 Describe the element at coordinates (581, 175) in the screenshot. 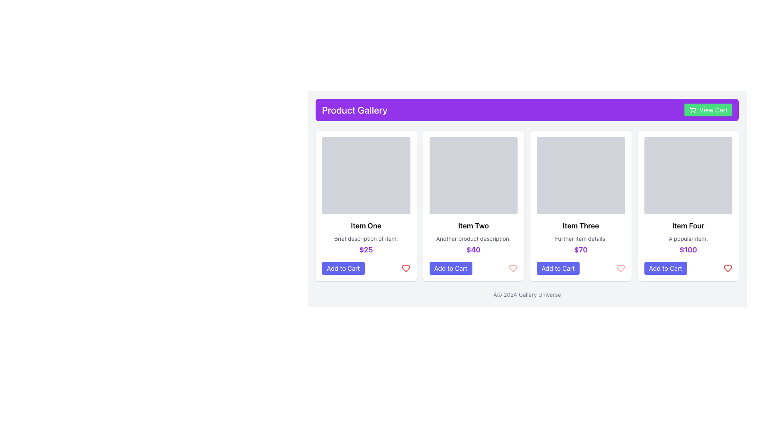

I see `the gray rectangular block with rounded corners that serves as an image placeholder, located above the title of 'Item Three'` at that location.